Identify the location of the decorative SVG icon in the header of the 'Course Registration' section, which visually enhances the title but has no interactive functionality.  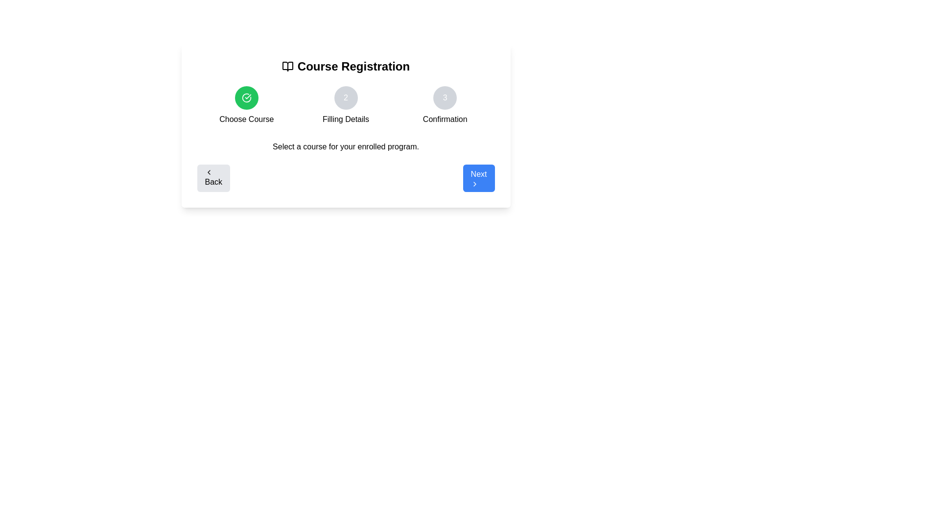
(287, 66).